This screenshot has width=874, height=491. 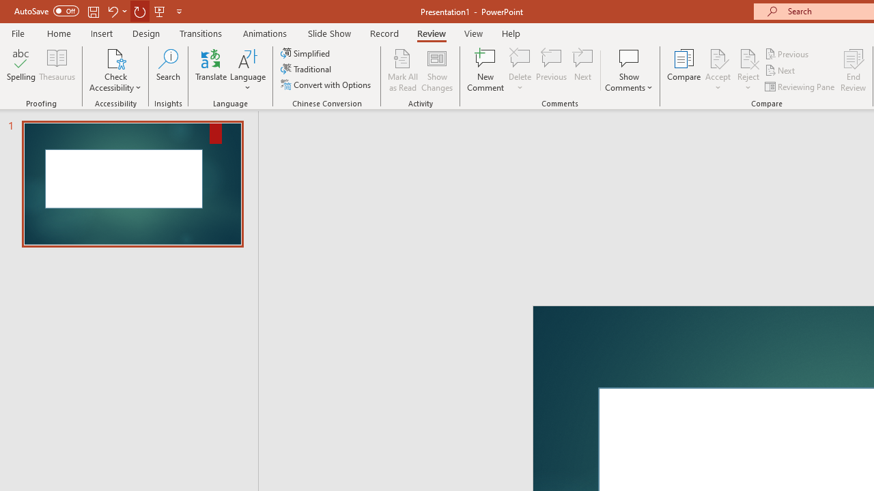 What do you see at coordinates (748, 70) in the screenshot?
I see `'Reject'` at bounding box center [748, 70].